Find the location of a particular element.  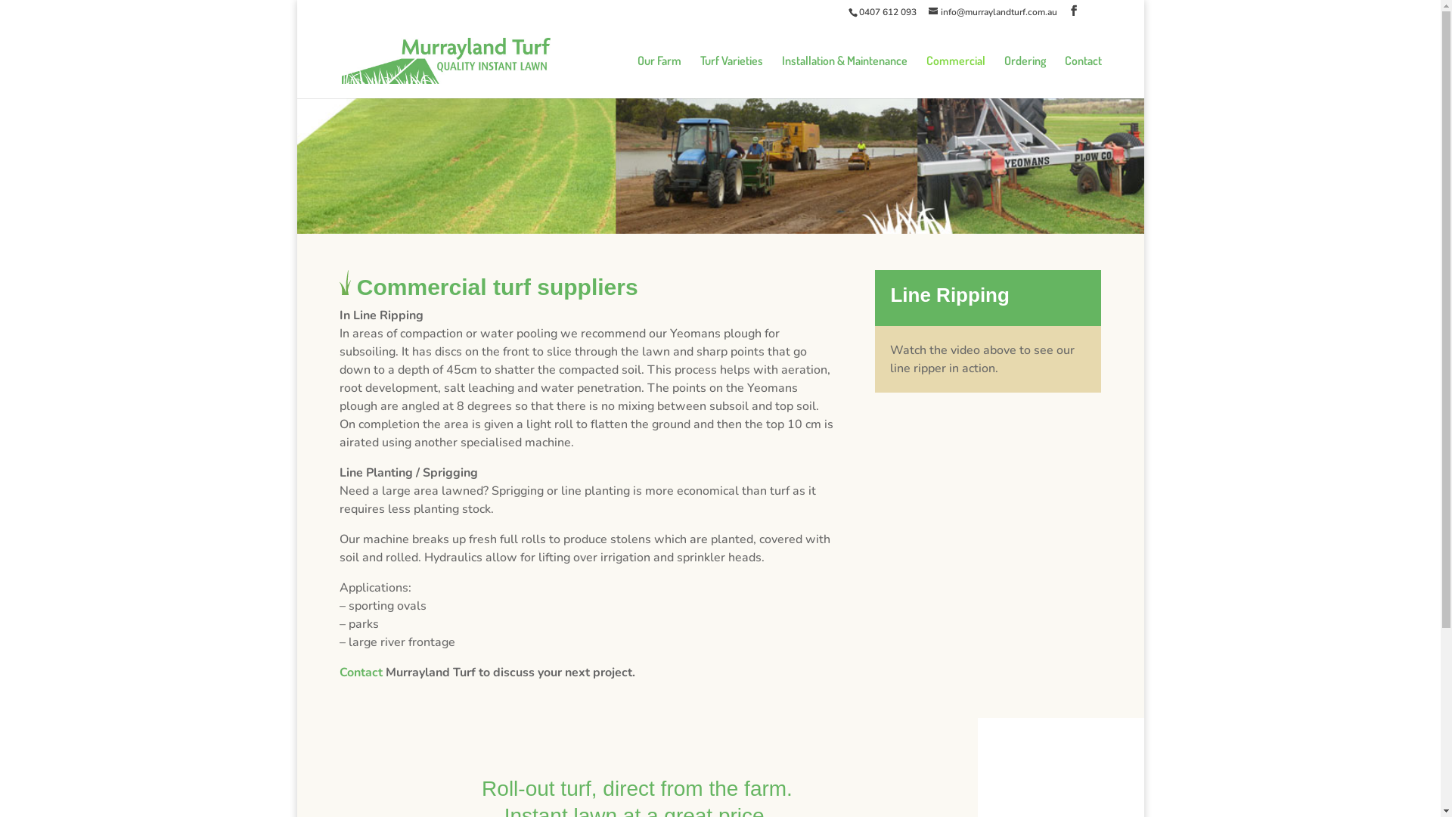

'Ordering' is located at coordinates (1025, 76).